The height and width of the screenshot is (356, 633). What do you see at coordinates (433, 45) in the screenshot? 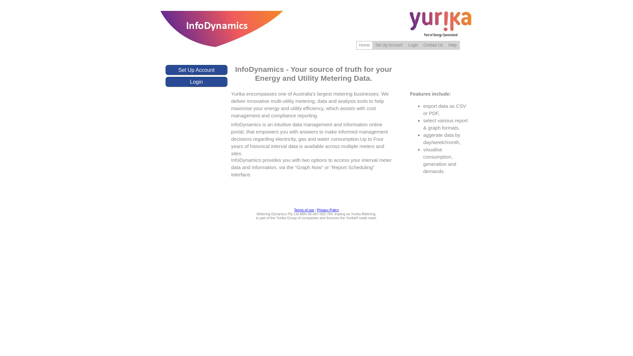
I see `'Contact Us'` at bounding box center [433, 45].